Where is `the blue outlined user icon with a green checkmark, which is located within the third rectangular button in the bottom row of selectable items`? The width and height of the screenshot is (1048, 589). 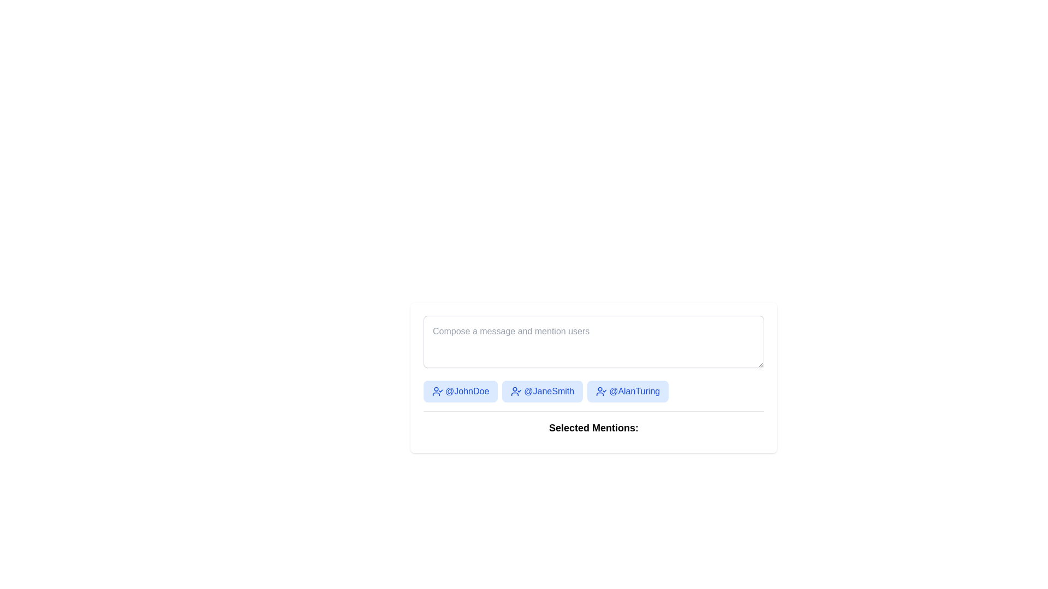
the blue outlined user icon with a green checkmark, which is located within the third rectangular button in the bottom row of selectable items is located at coordinates (601, 390).